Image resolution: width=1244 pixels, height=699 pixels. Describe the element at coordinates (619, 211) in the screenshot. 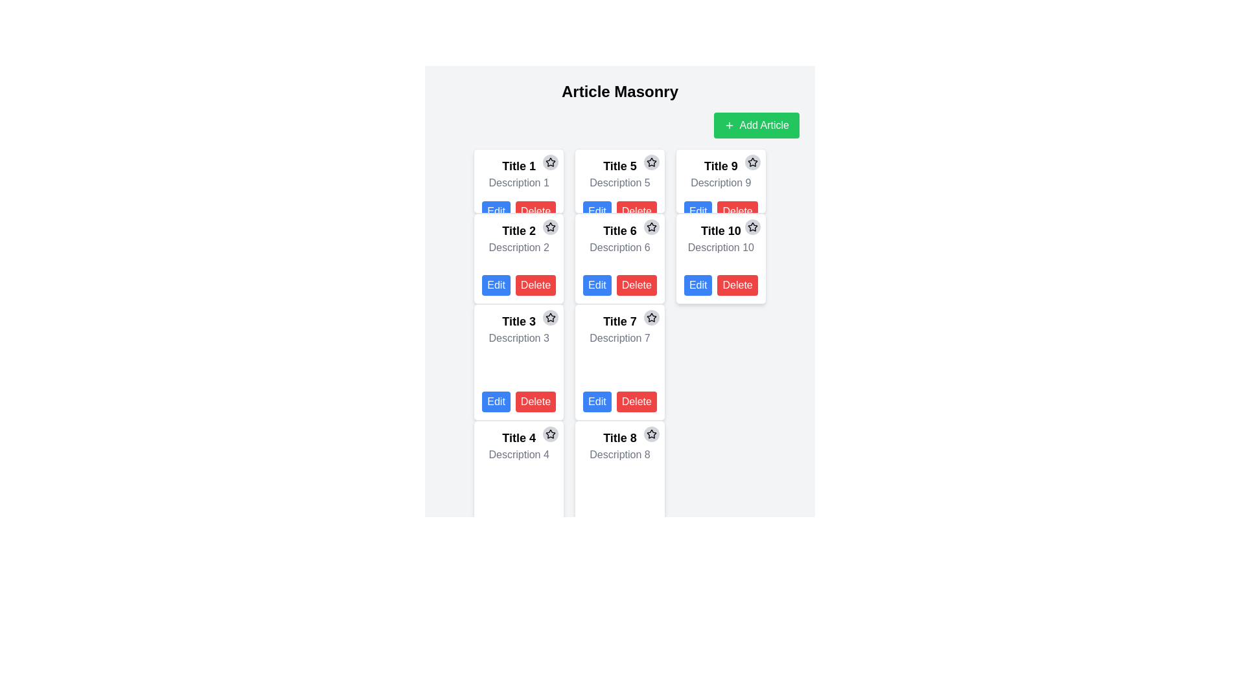

I see `the 'Delete' button in the Horizontal button group located at the bottom of the card titled 'Title 5' to initiate deletion` at that location.